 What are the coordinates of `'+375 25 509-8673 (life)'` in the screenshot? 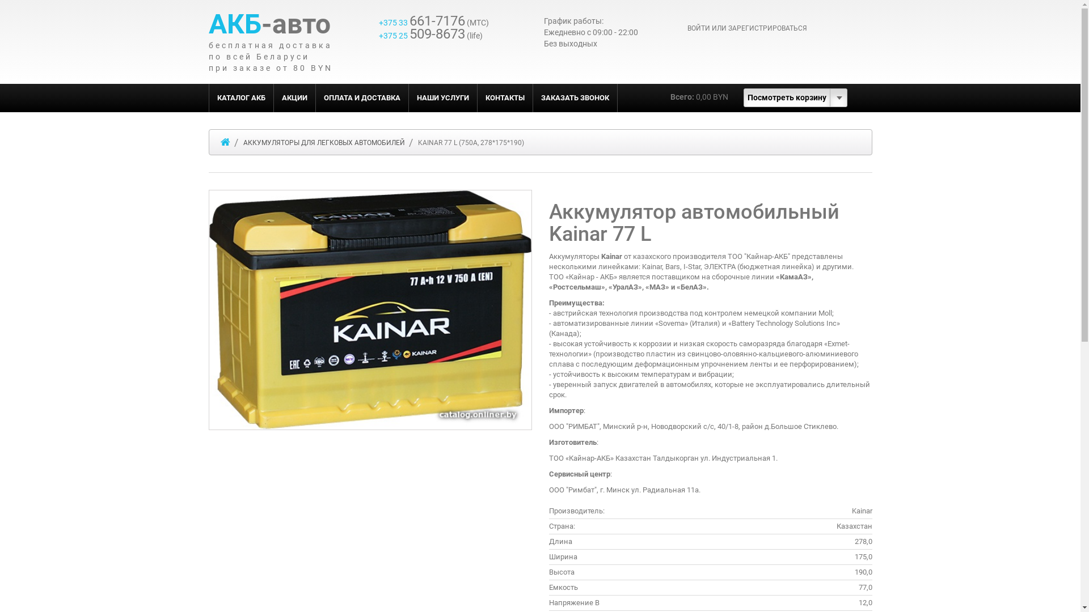 It's located at (430, 35).